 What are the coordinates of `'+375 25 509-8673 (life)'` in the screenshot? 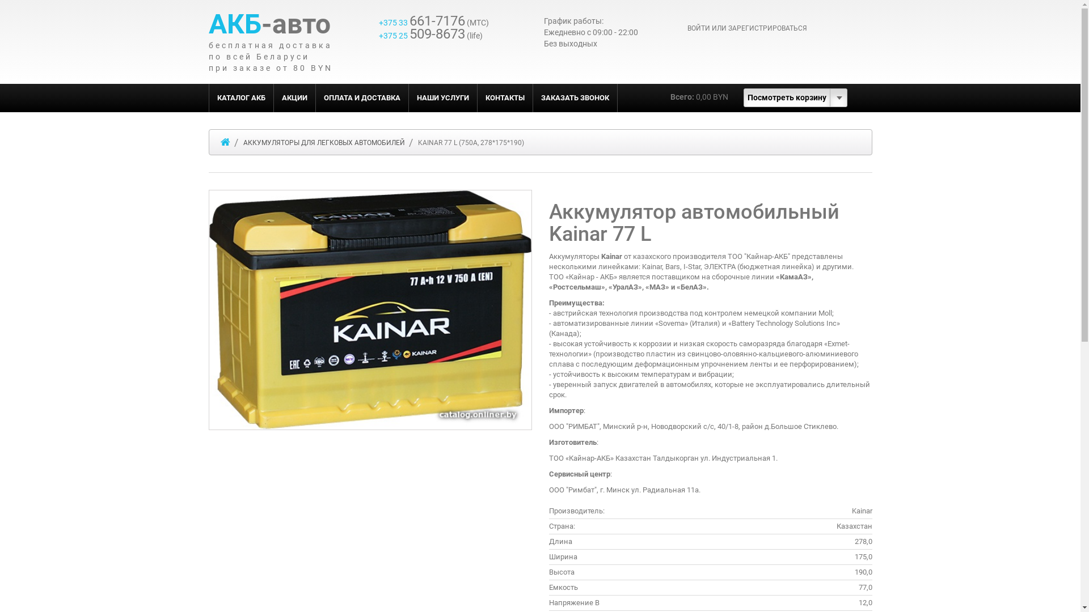 It's located at (430, 35).